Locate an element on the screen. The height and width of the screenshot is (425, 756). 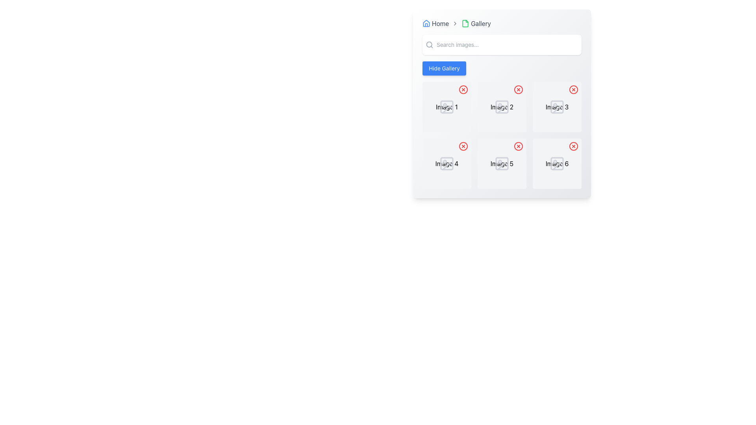
the icon button resembling a stylized house with a blue stroke is located at coordinates (426, 23).